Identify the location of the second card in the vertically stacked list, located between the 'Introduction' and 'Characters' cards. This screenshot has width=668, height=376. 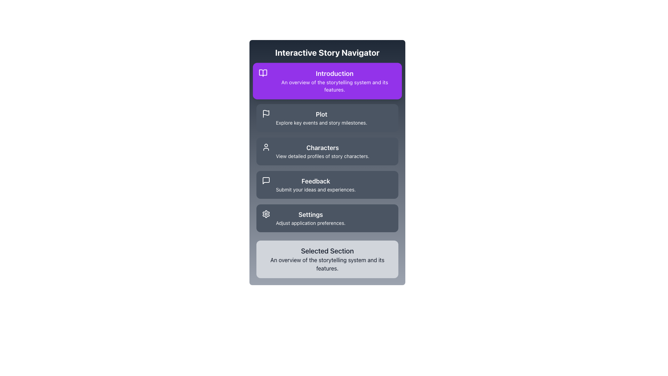
(327, 118).